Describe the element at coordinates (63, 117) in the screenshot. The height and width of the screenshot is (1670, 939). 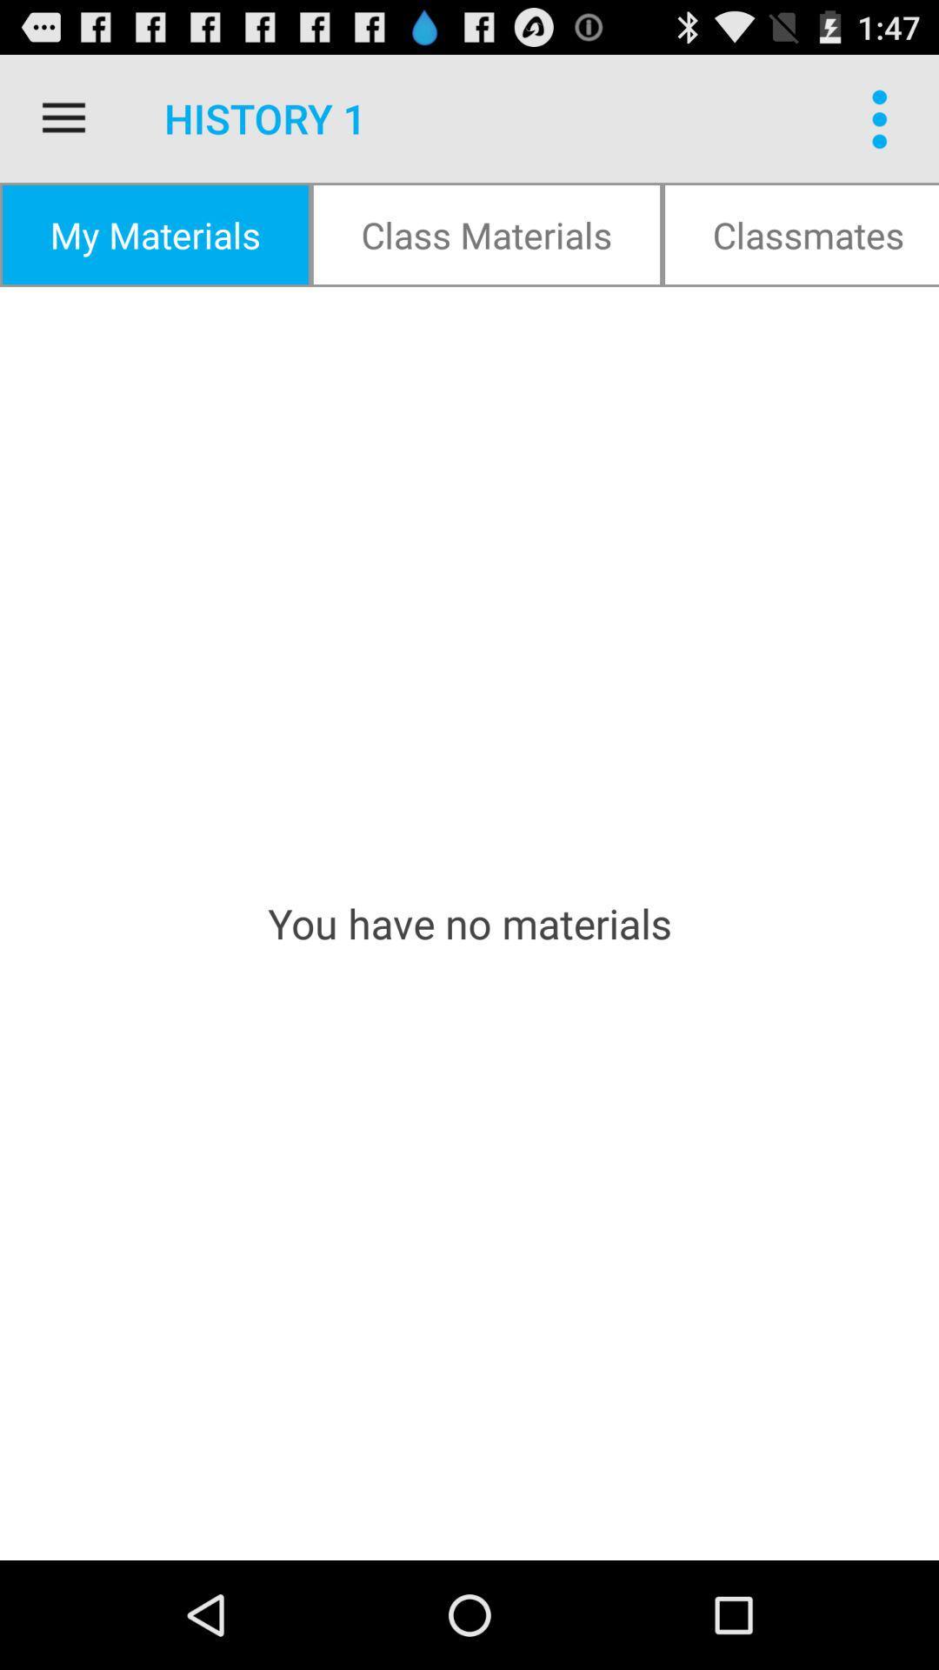
I see `item above my materials item` at that location.